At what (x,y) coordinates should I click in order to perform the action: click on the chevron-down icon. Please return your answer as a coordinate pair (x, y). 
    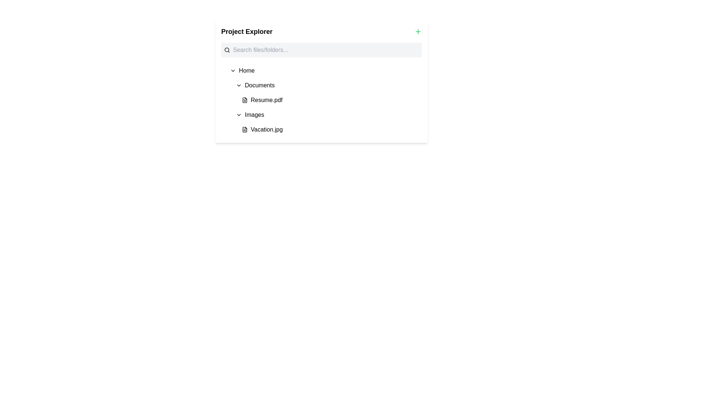
    Looking at the image, I should click on (239, 85).